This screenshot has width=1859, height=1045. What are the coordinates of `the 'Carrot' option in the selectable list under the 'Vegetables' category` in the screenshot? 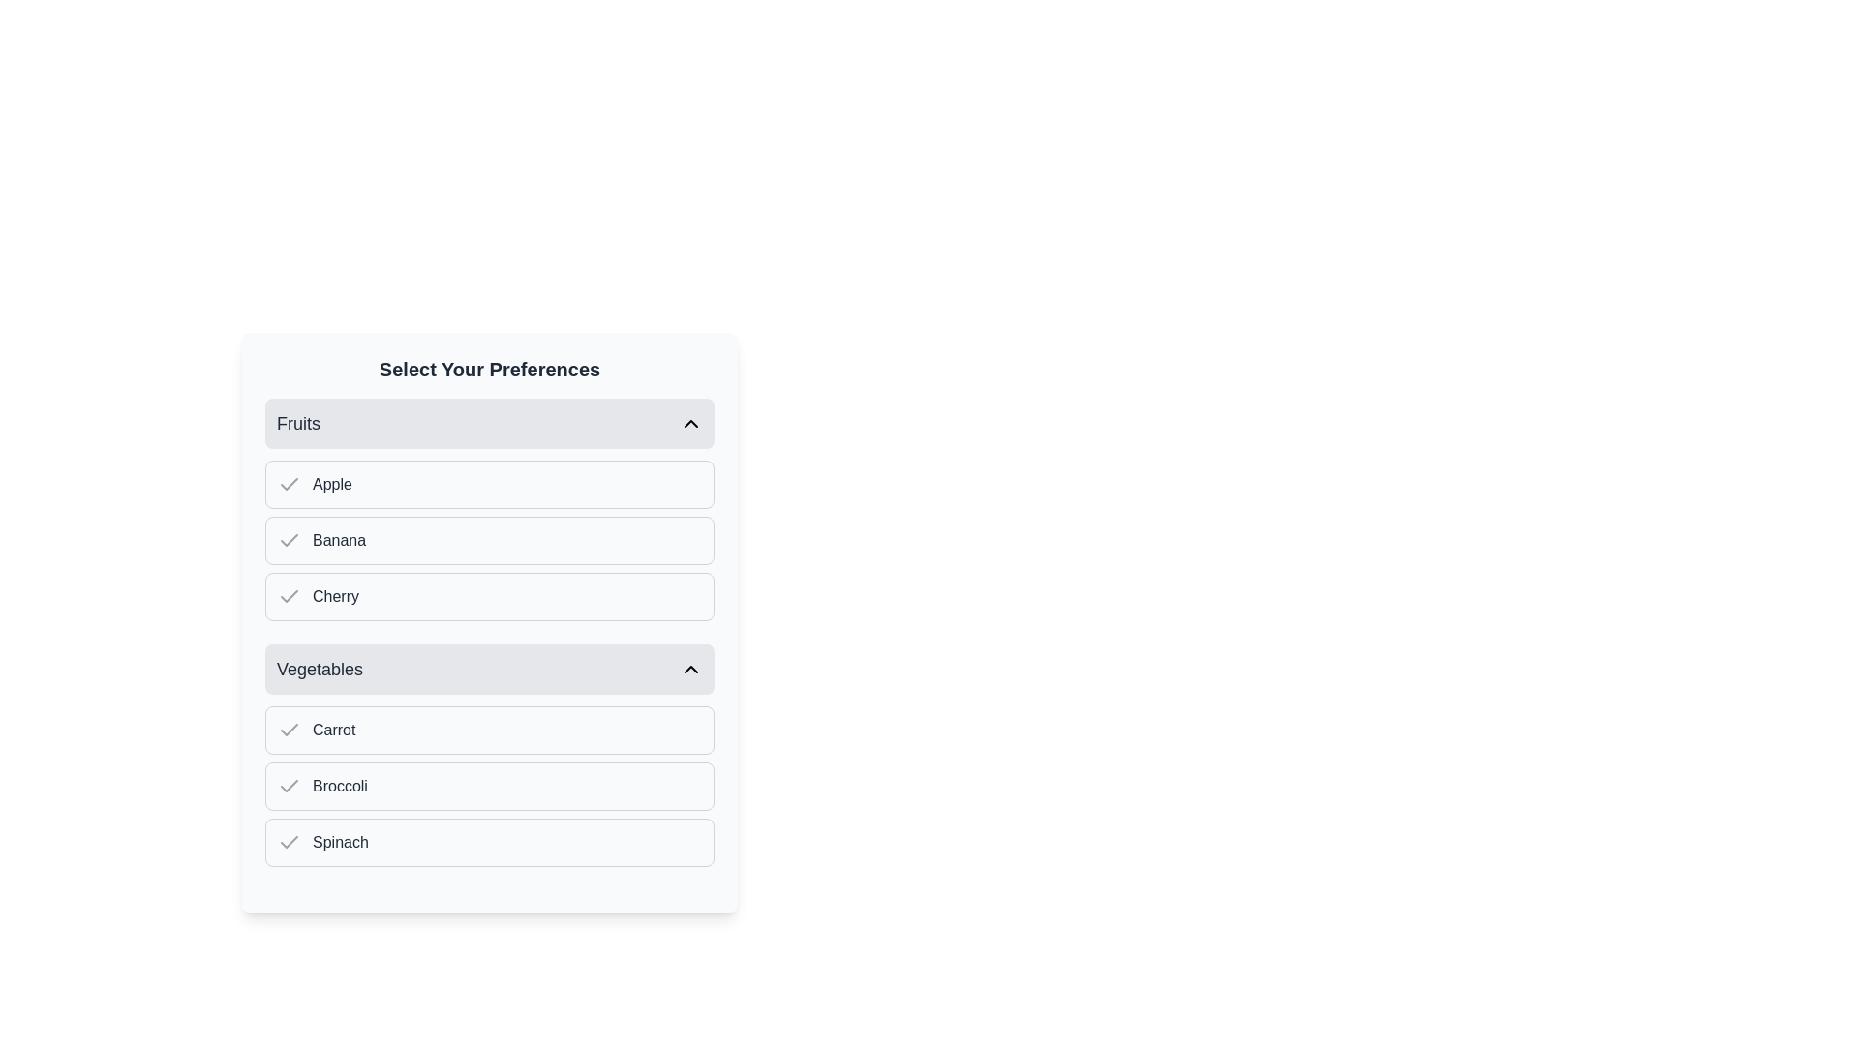 It's located at (489, 731).